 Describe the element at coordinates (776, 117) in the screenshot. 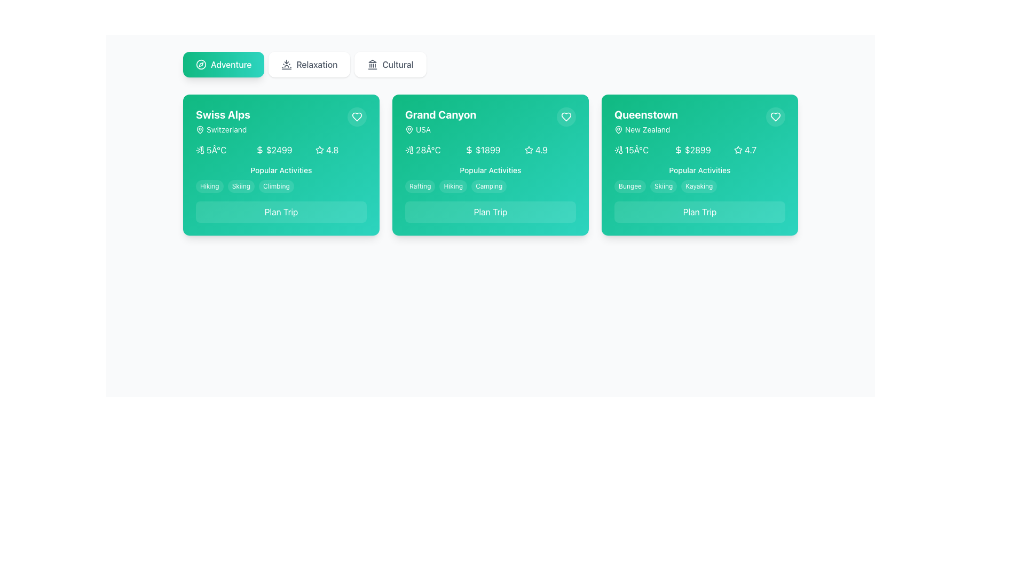

I see `the heart icon in the top-right corner of the 'Queenstown' card to mark it as favorite` at that location.